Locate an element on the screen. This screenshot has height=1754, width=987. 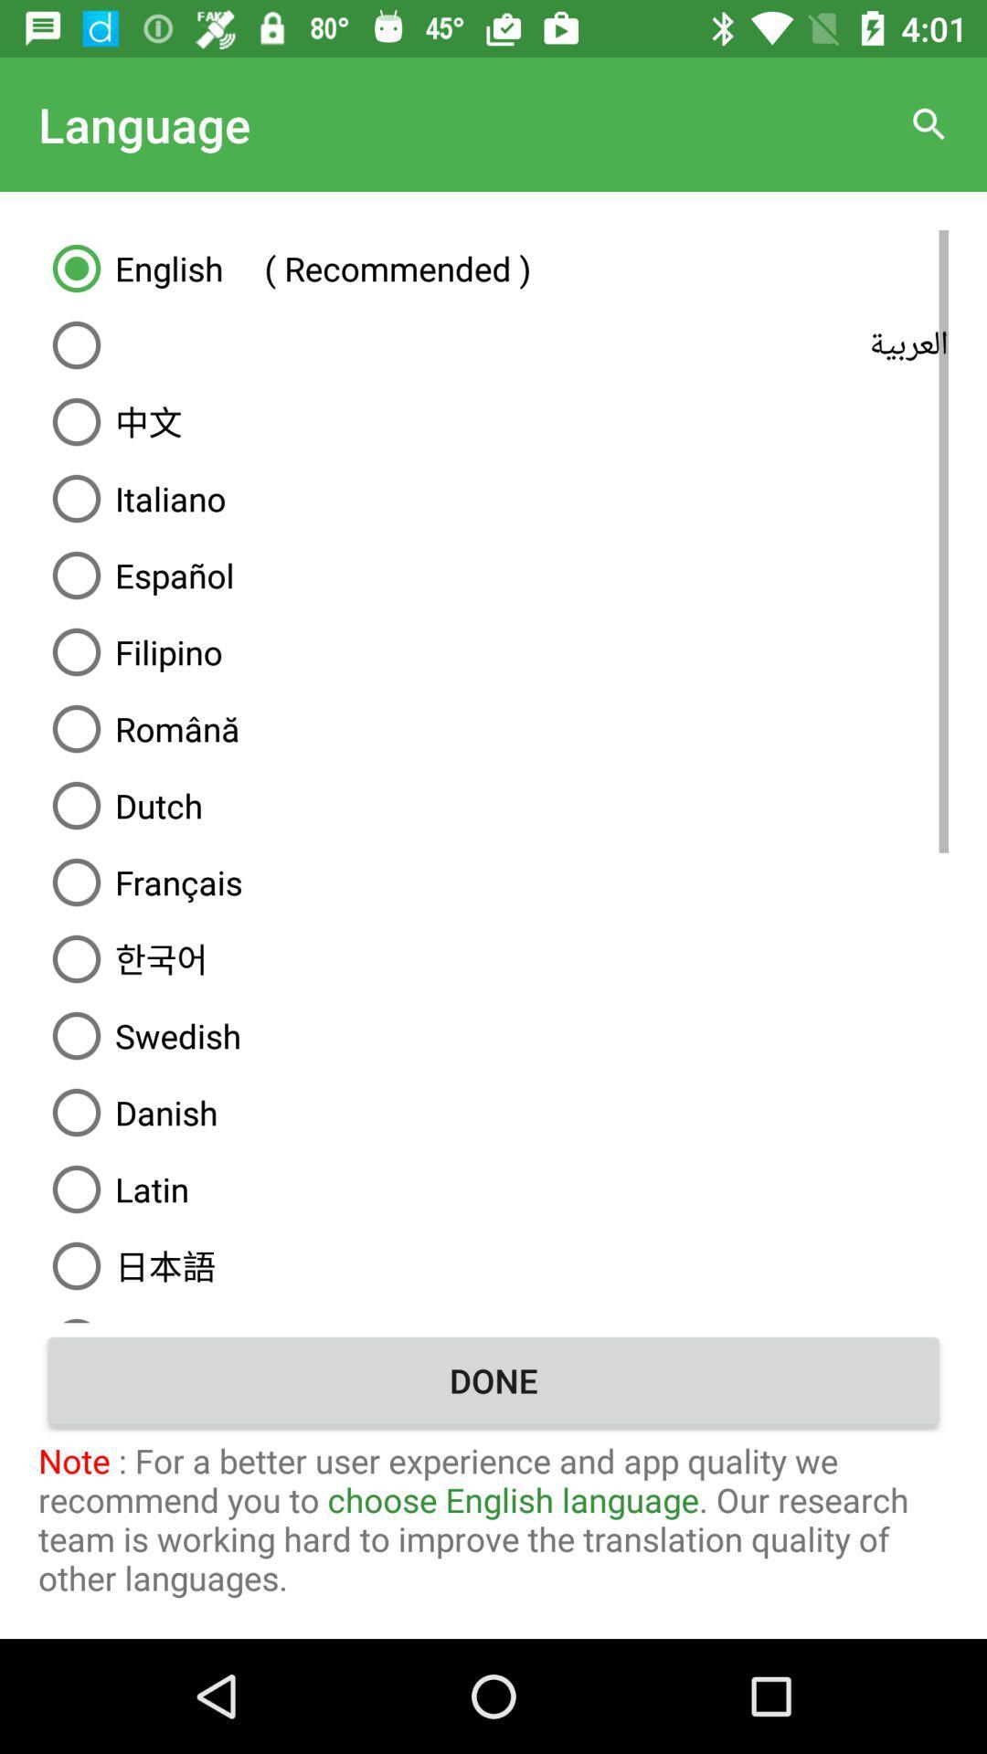
item above danish item is located at coordinates (493, 1035).